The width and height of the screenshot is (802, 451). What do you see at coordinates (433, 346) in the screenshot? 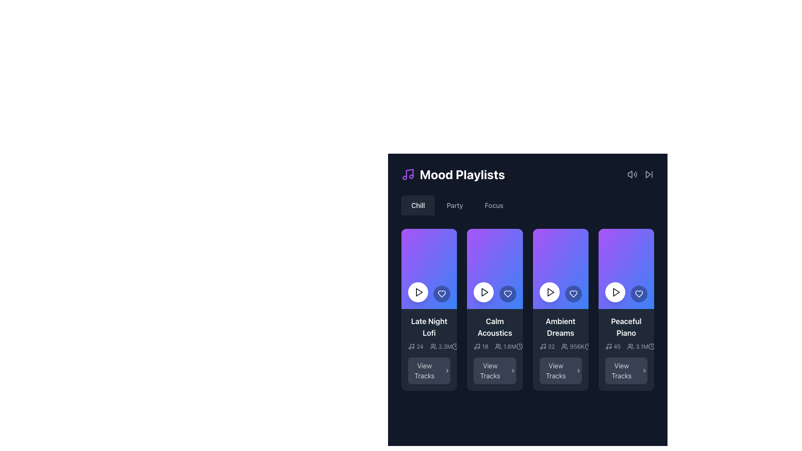
I see `the icon located to the left of the numerical text '2.3M' which indicates user-related statistics for the 'Late Night Lofi' playlist` at bounding box center [433, 346].